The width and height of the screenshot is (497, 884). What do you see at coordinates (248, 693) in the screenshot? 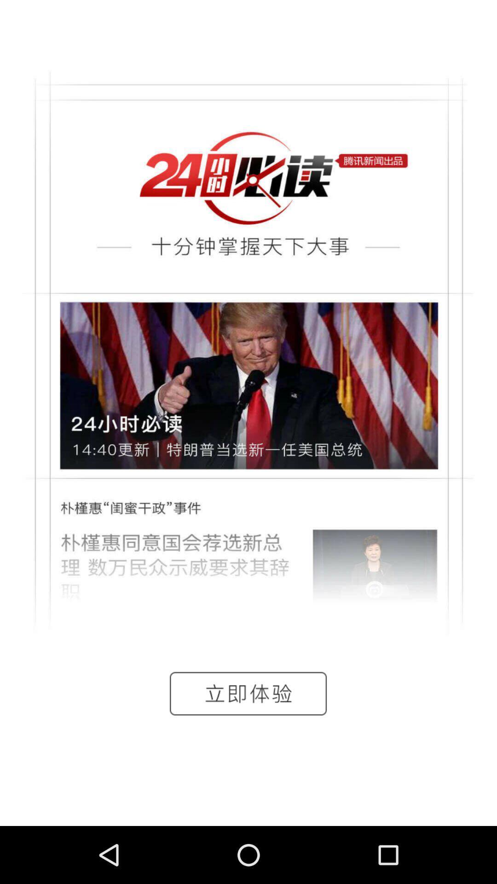
I see `the date_range icon` at bounding box center [248, 693].